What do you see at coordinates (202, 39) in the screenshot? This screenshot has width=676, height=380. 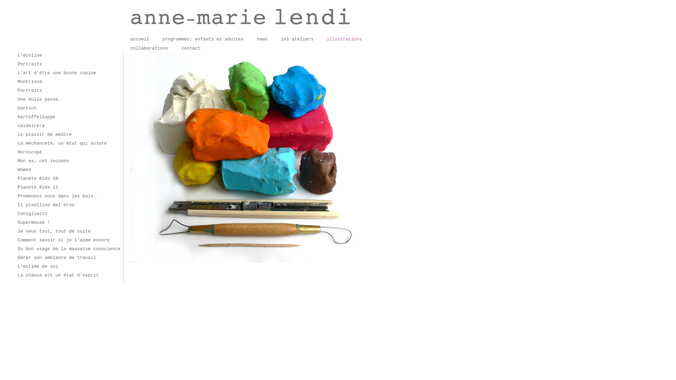 I see `'programmes: enfants et adultes'` at bounding box center [202, 39].